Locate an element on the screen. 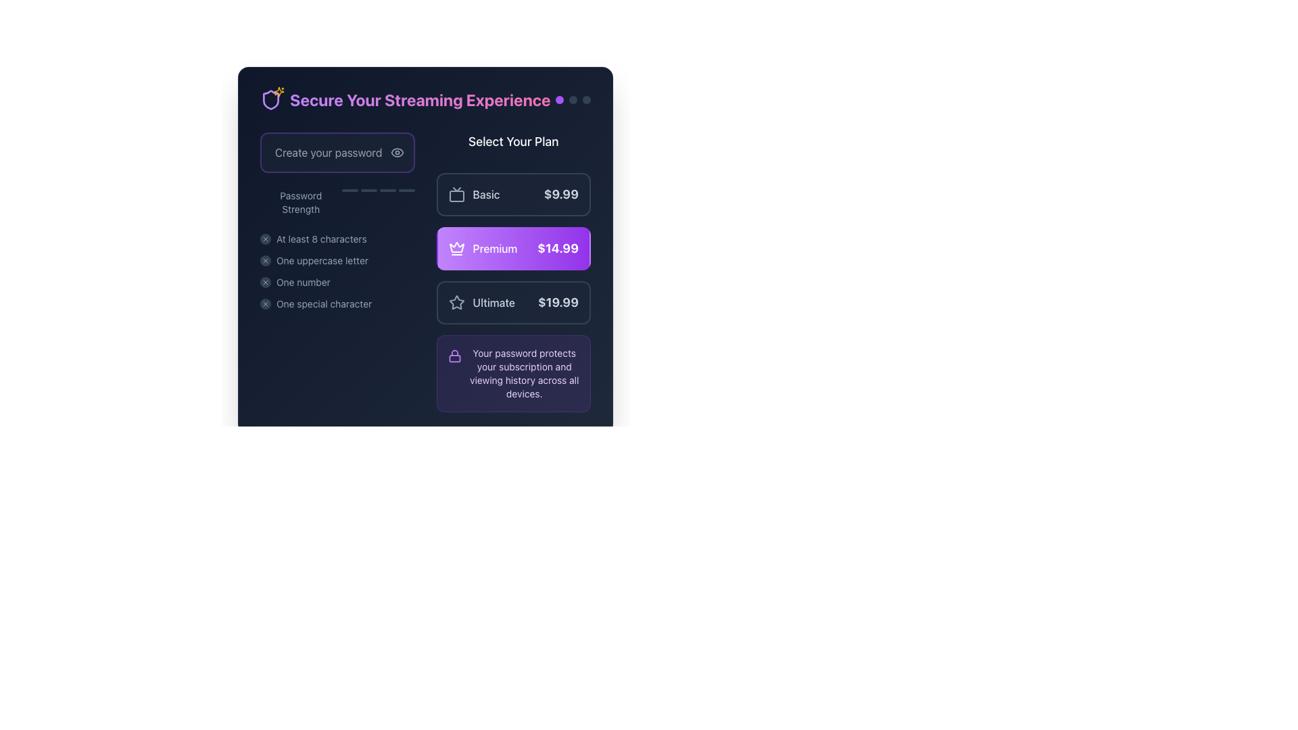 This screenshot has width=1298, height=730. the 'Password Strength' text label, which is displayed in a small dim gray font on a darker background, located to the left of the progress indicators is located at coordinates (300, 203).